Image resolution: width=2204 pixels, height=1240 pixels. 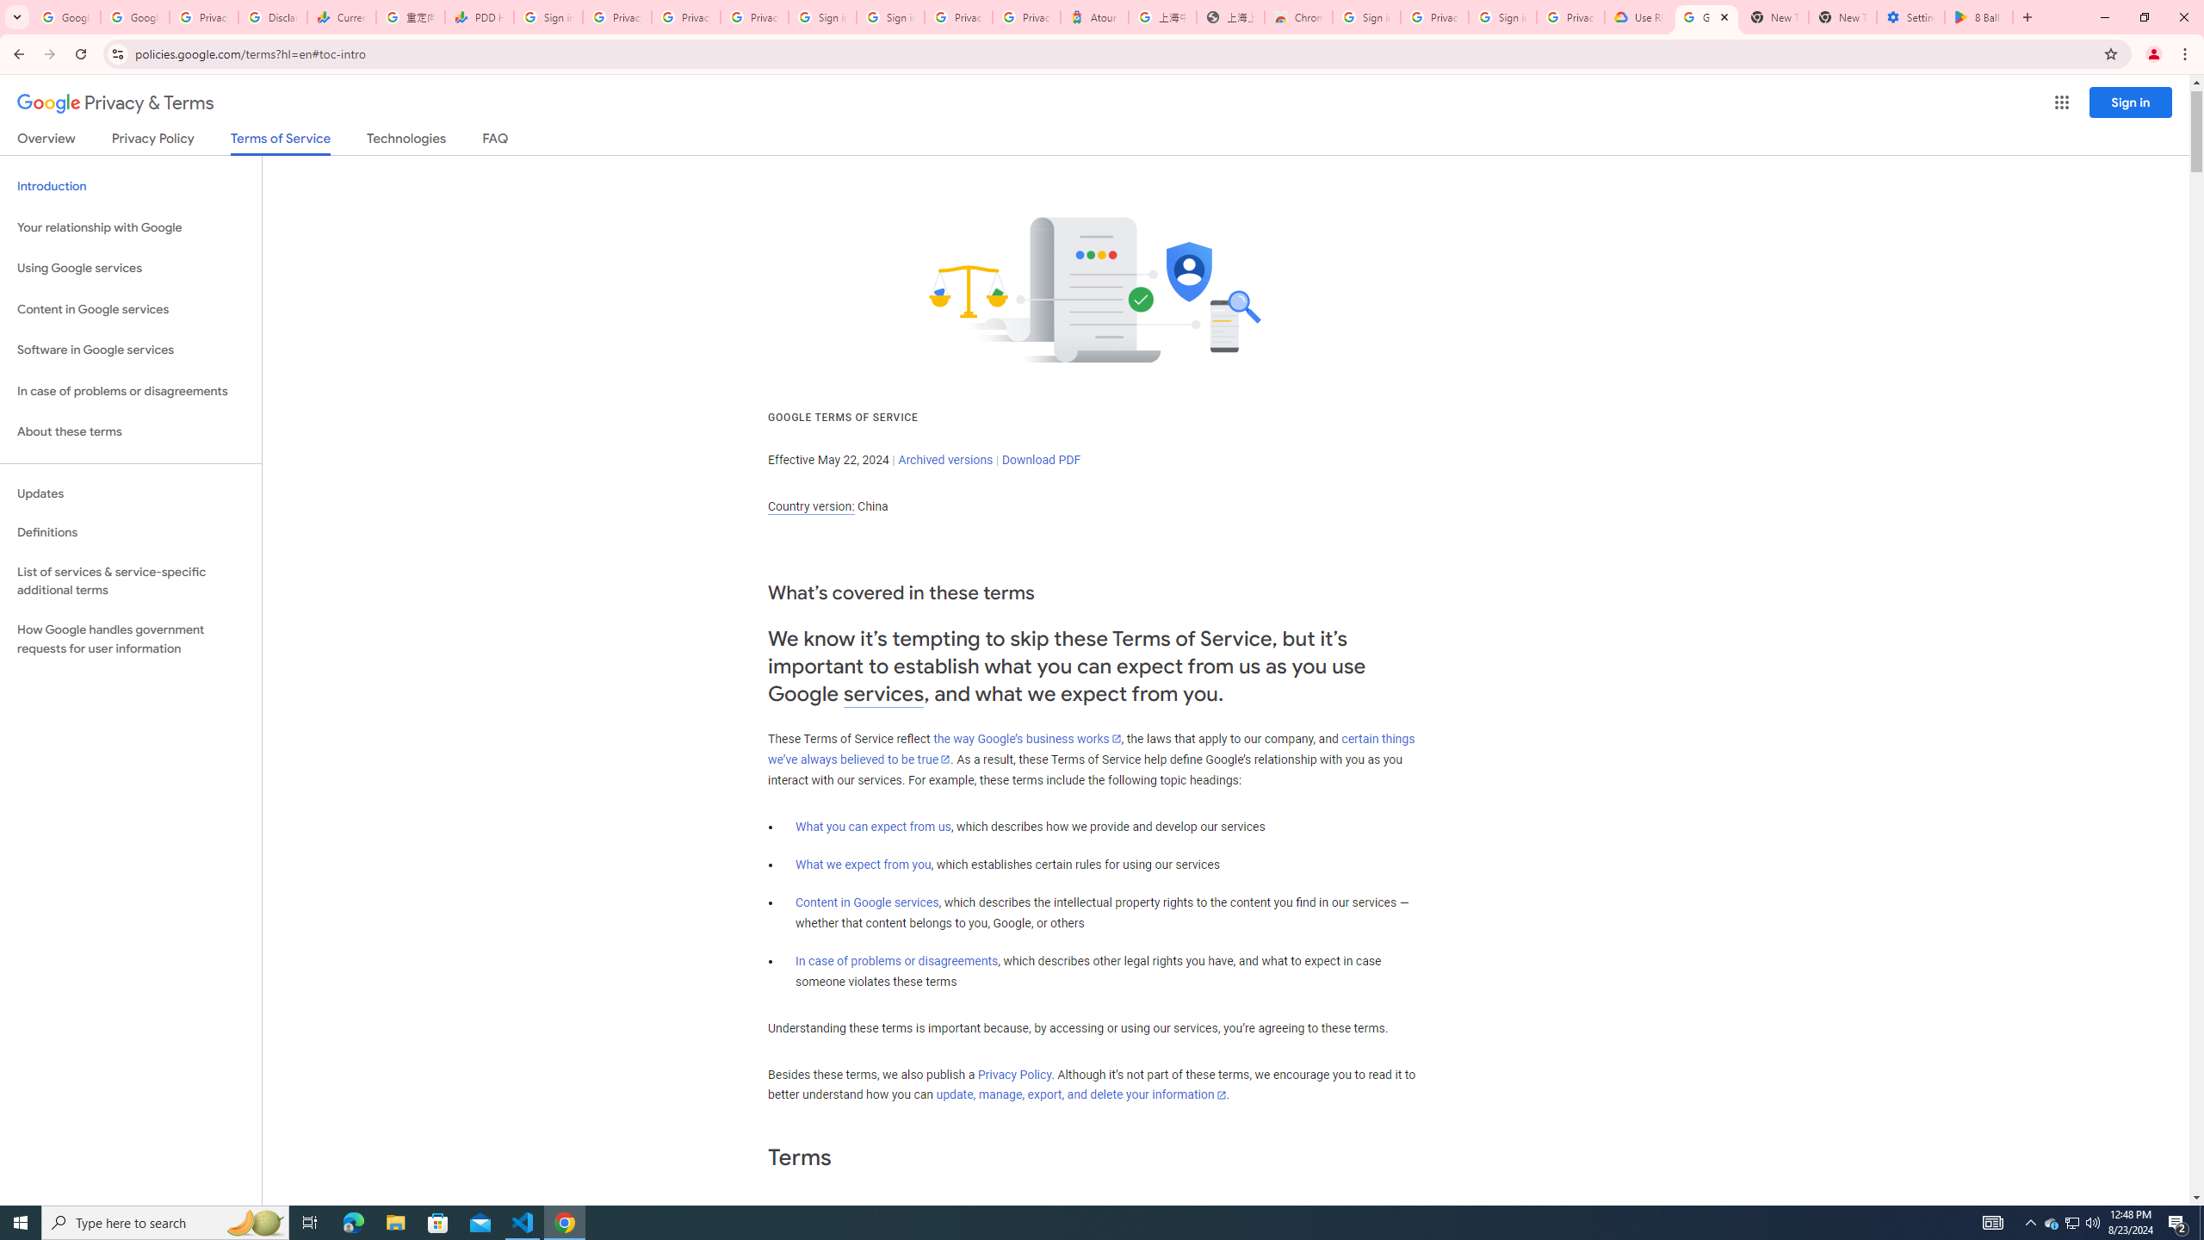 I want to click on 'What you can expect from us', so click(x=874, y=825).